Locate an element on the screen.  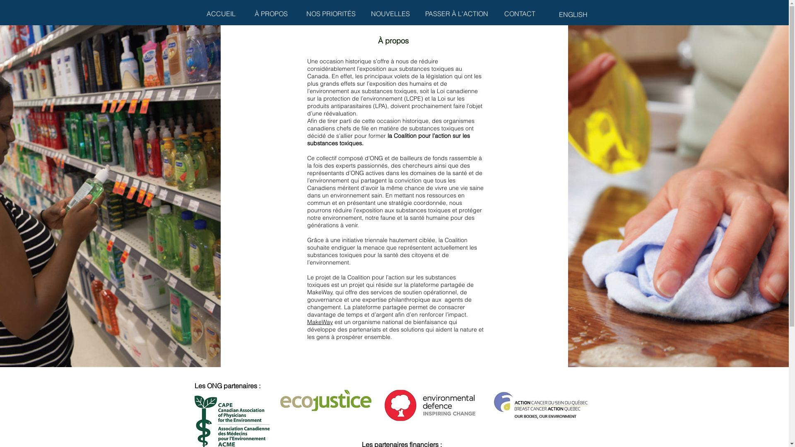
'ACCUEIL' is located at coordinates (221, 14).